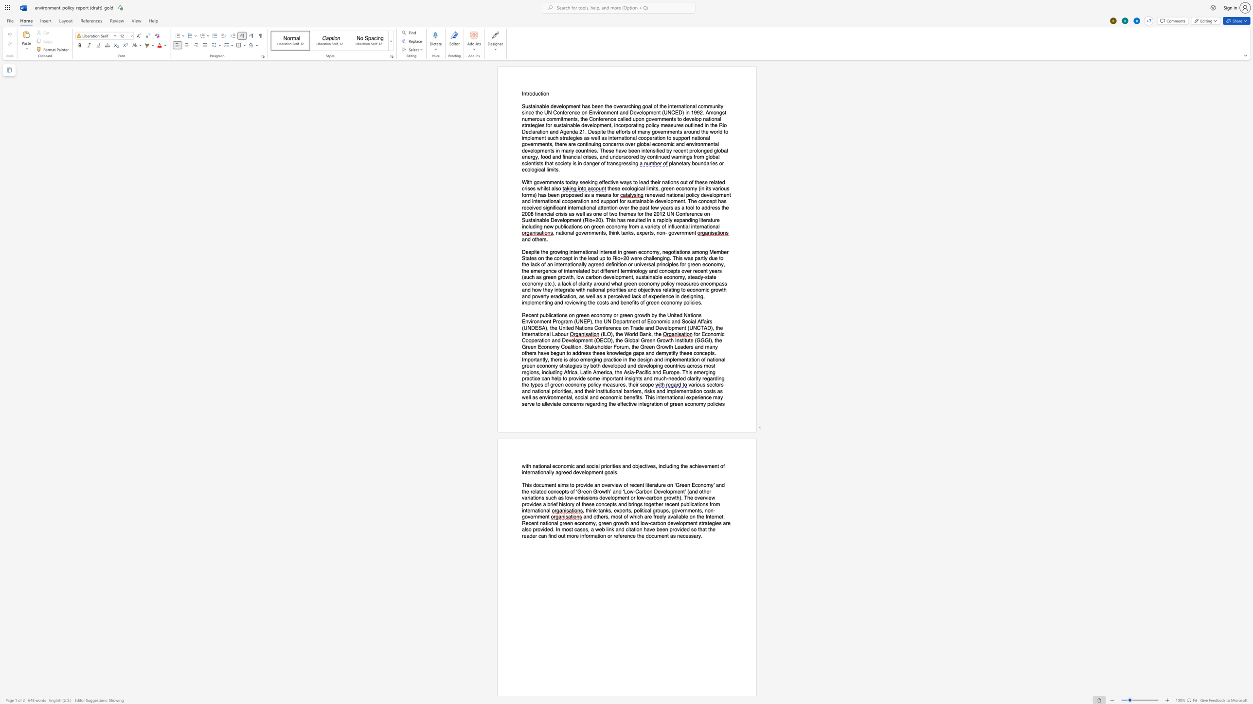 The width and height of the screenshot is (1253, 704). Describe the element at coordinates (550, 182) in the screenshot. I see `the space between the continuous character "n" and "m" in the text` at that location.